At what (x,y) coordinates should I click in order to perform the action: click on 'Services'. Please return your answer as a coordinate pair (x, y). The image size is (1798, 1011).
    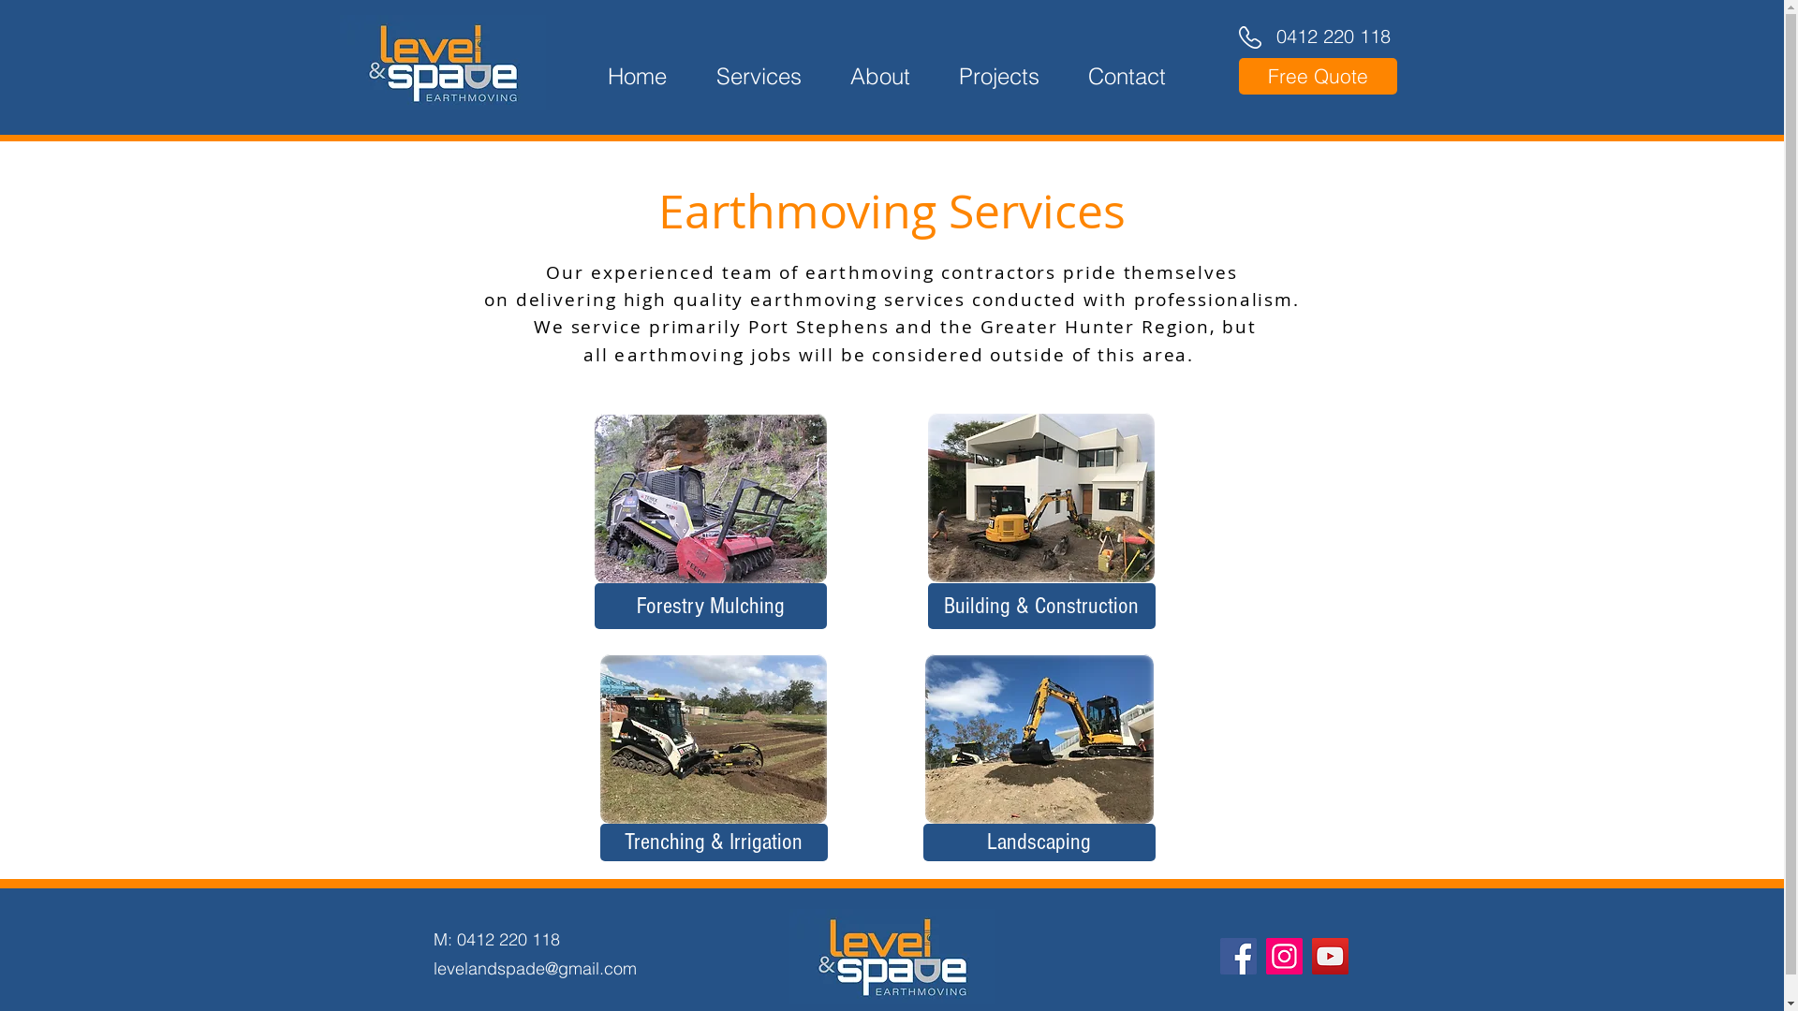
    Looking at the image, I should click on (759, 75).